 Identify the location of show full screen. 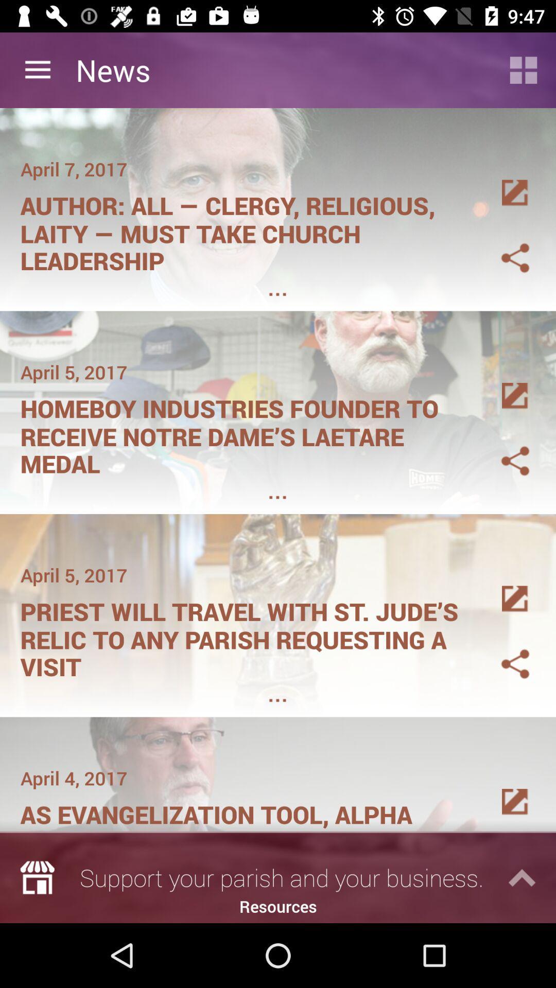
(502, 587).